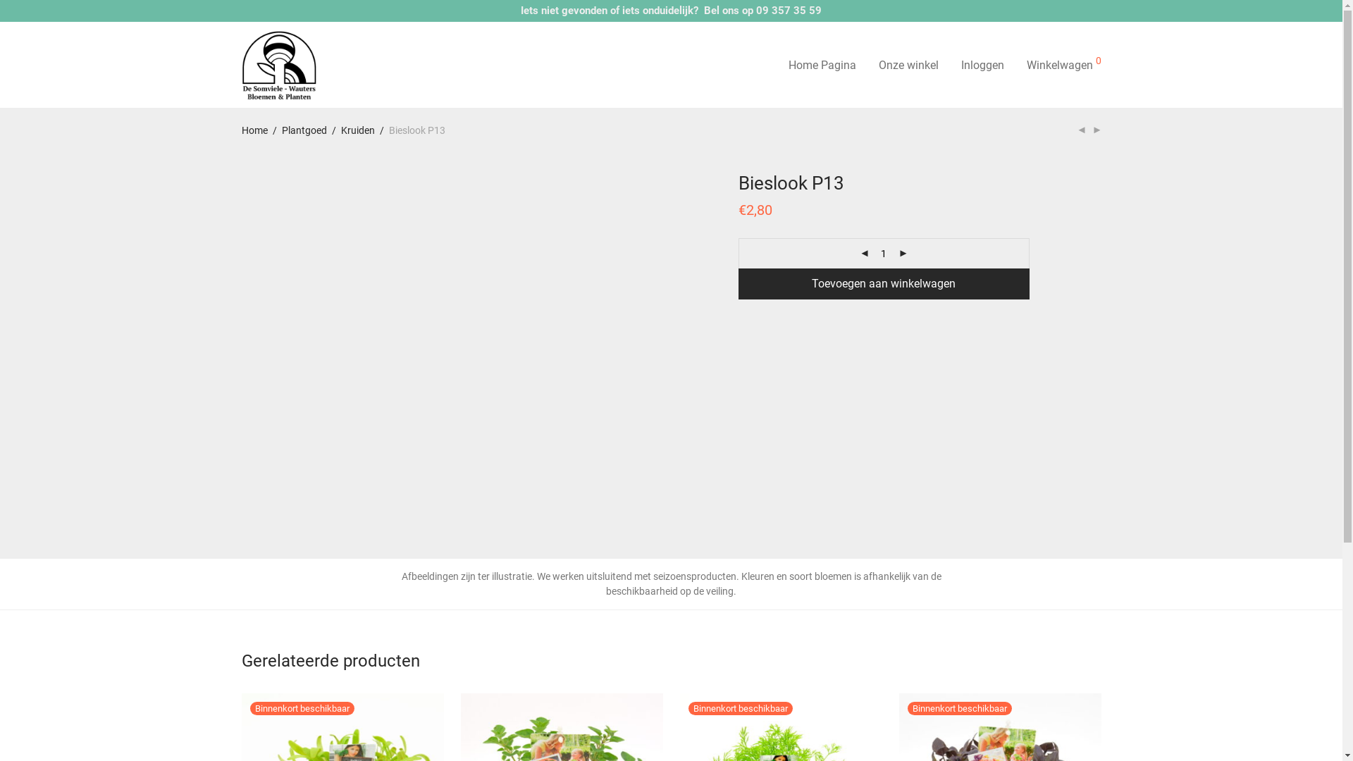 The image size is (1353, 761). Describe the element at coordinates (908, 65) in the screenshot. I see `'Onze winkel'` at that location.